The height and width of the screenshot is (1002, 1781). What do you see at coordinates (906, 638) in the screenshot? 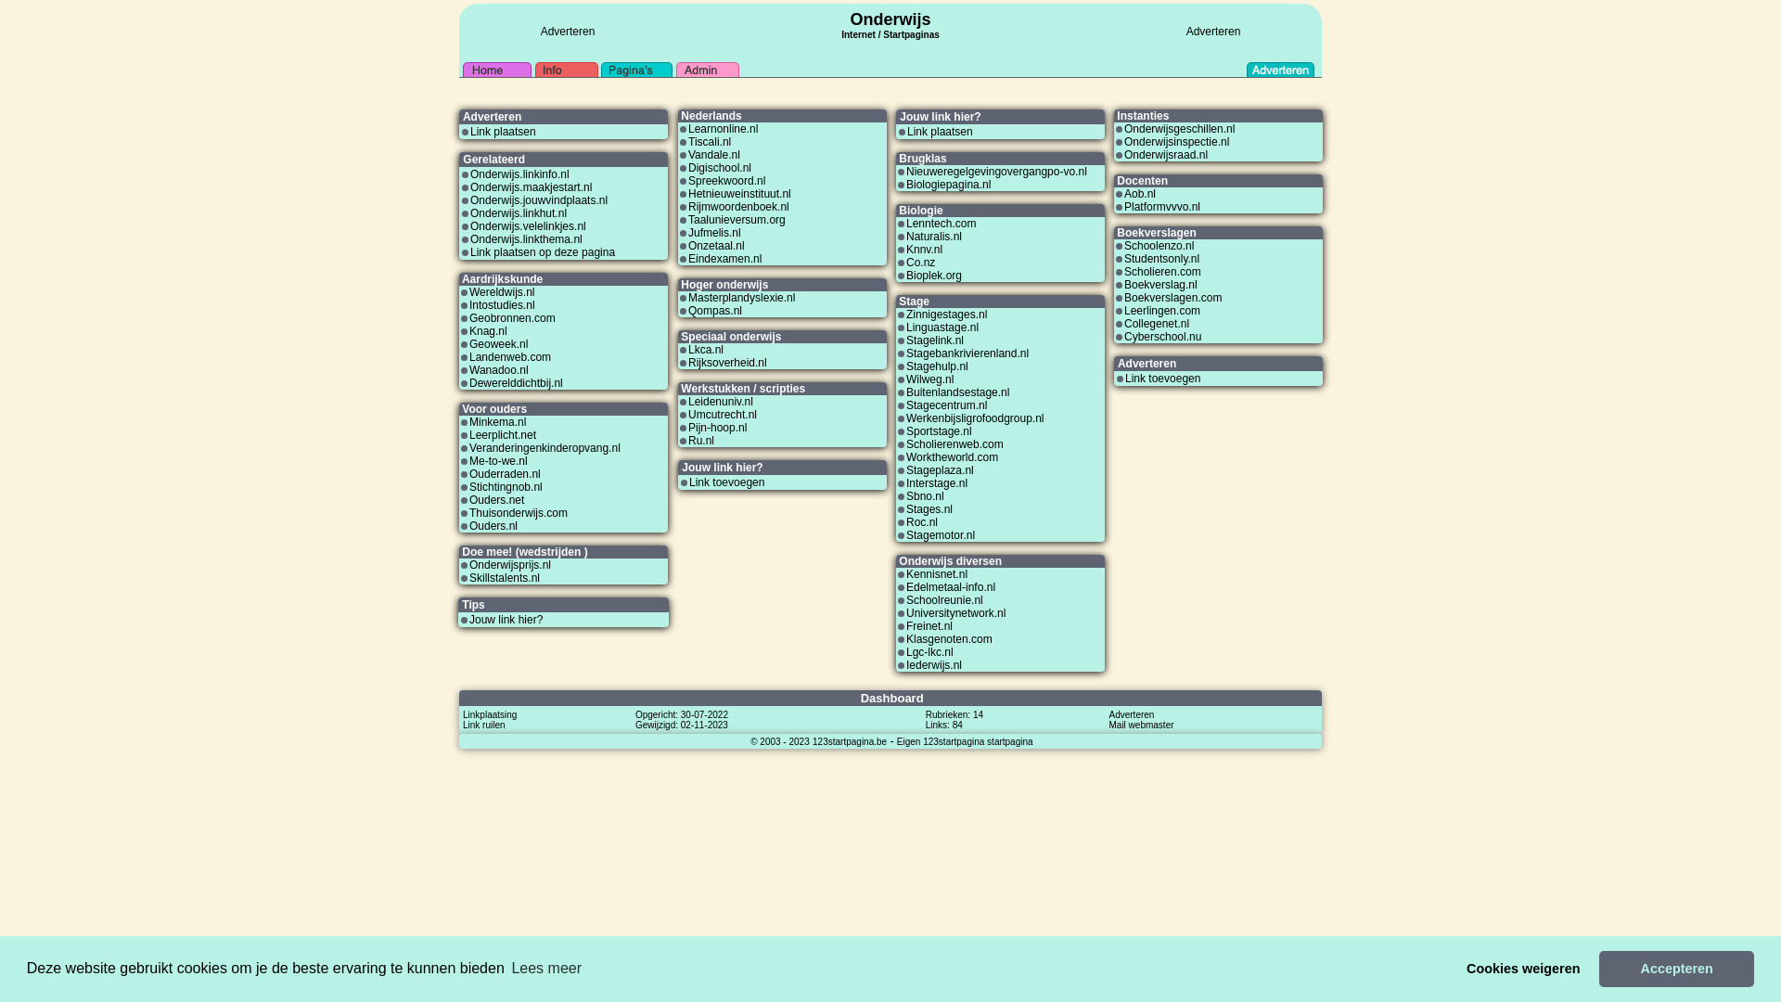
I see `'Klasgenoten.com'` at bounding box center [906, 638].